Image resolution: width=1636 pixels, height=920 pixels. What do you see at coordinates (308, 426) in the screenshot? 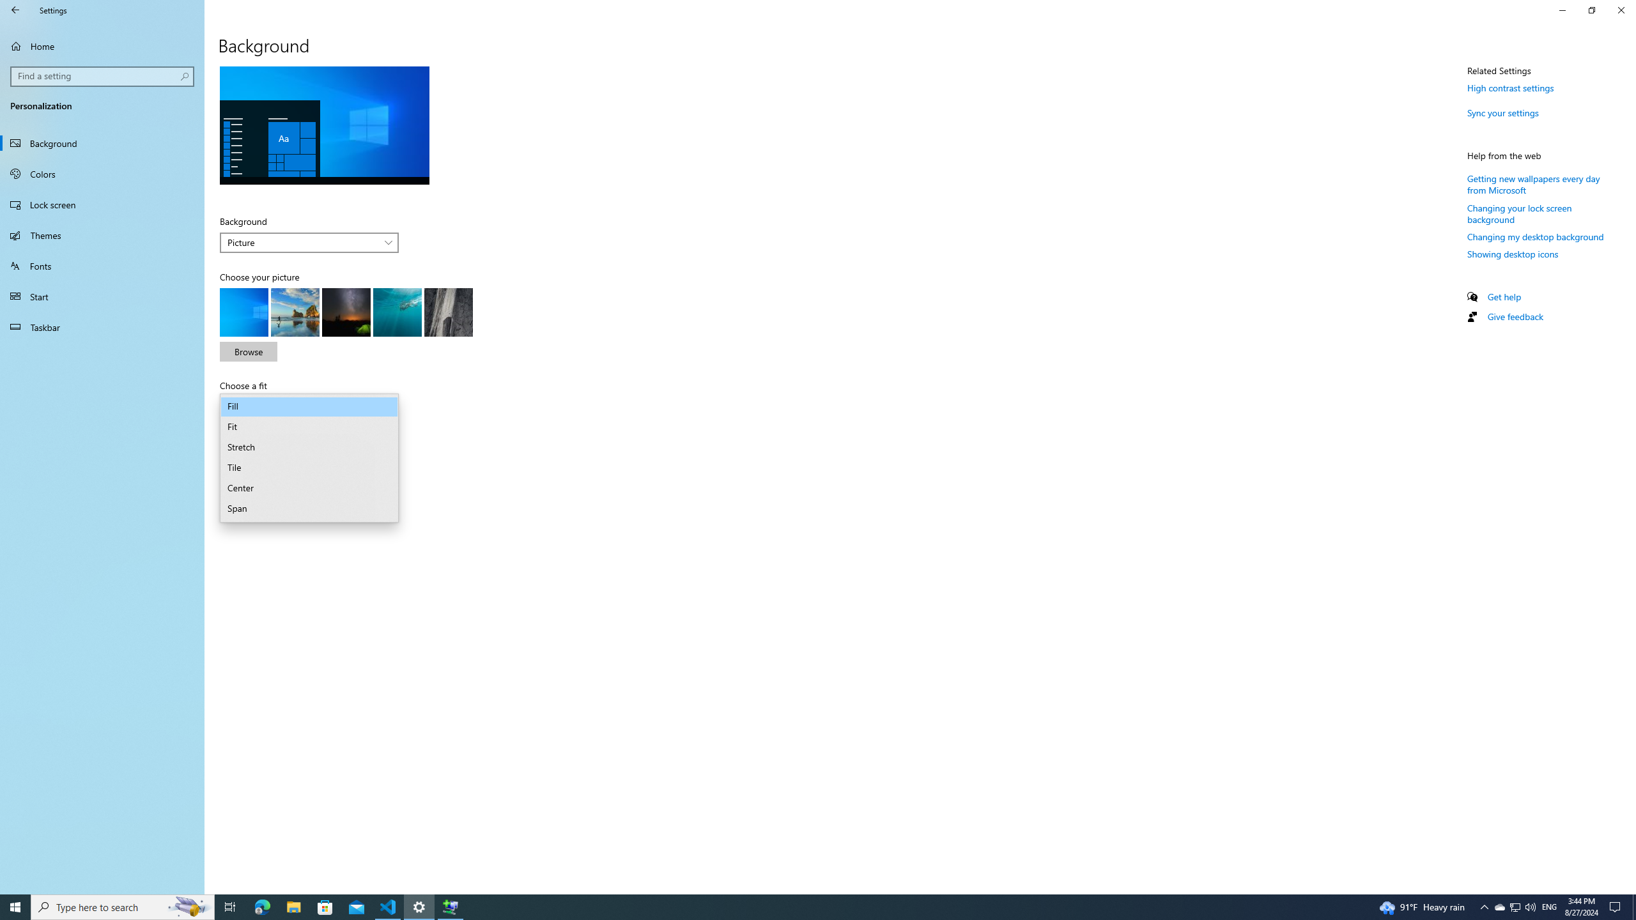
I see `'Fit'` at bounding box center [308, 426].